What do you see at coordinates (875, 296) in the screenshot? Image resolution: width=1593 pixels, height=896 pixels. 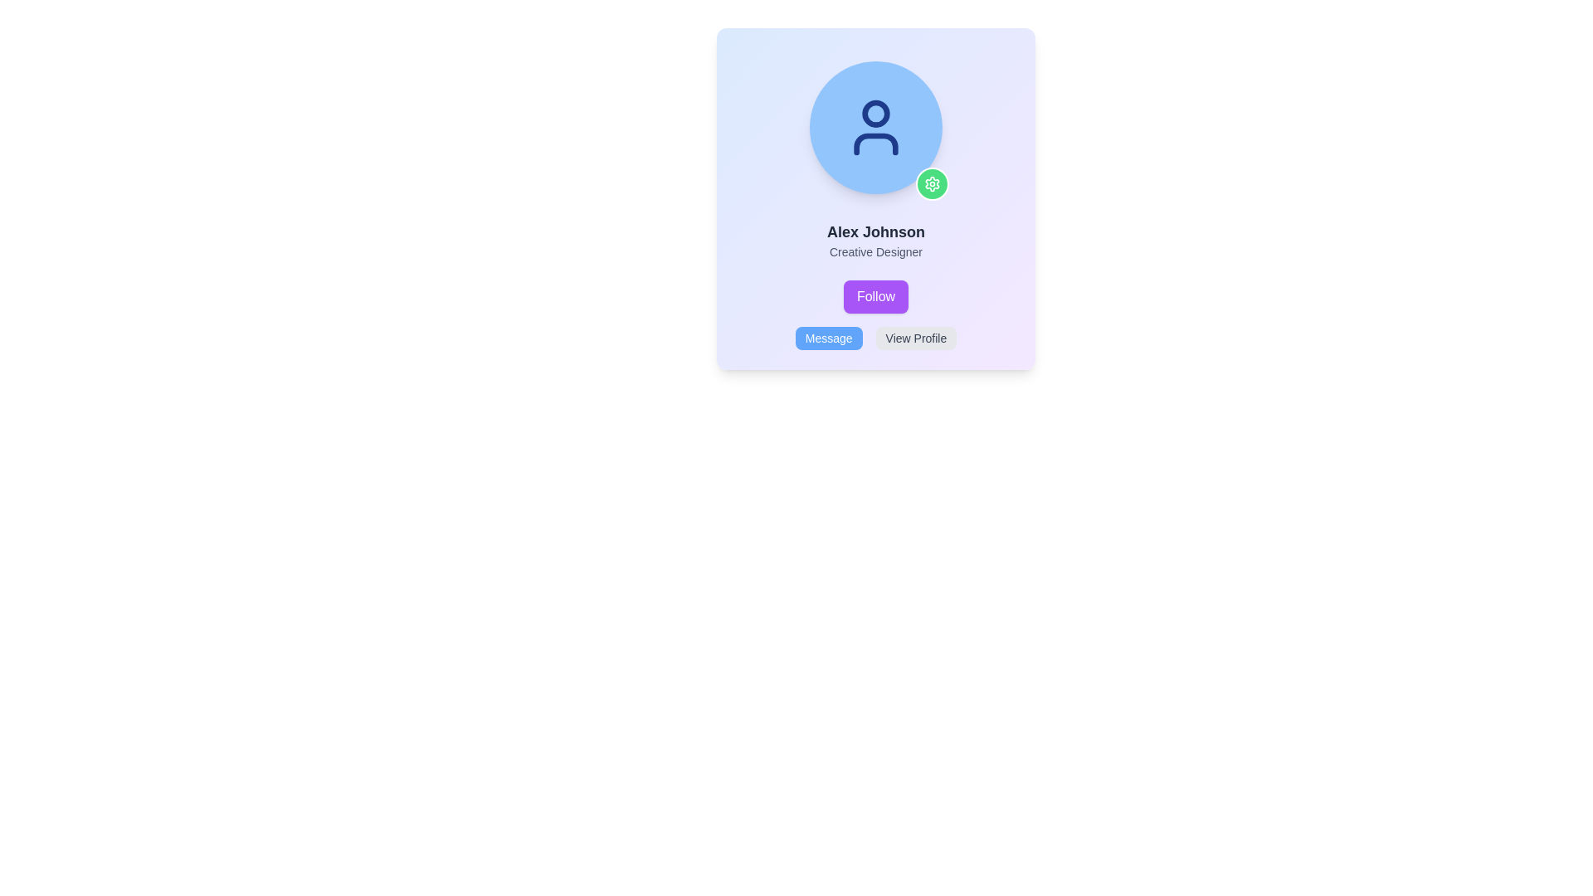 I see `the follow button located in the user profile card for keyboard navigation, positioned below the name 'Alex Johnson' and above the 'Message' and 'View Profile' buttons` at bounding box center [875, 296].